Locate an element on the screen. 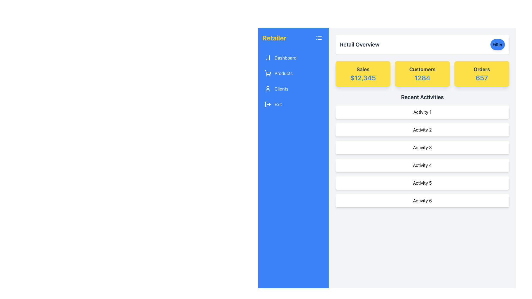 The height and width of the screenshot is (299, 532). the user profile icon located to the left of the text 'Clients' in the navigation menu is located at coordinates (268, 88).